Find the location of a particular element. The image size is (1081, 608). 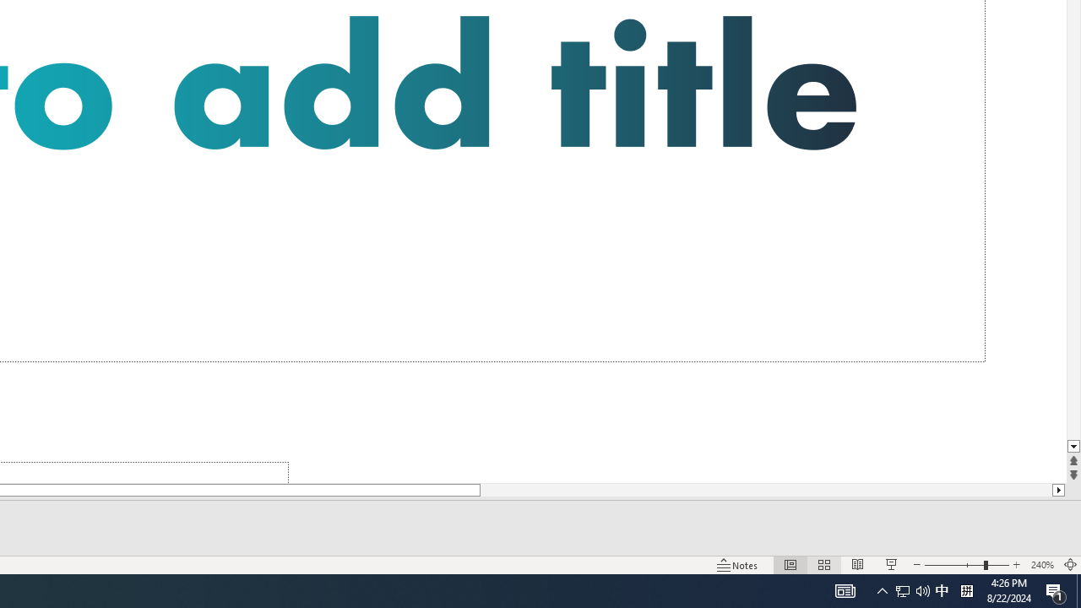

'Zoom' is located at coordinates (966, 565).